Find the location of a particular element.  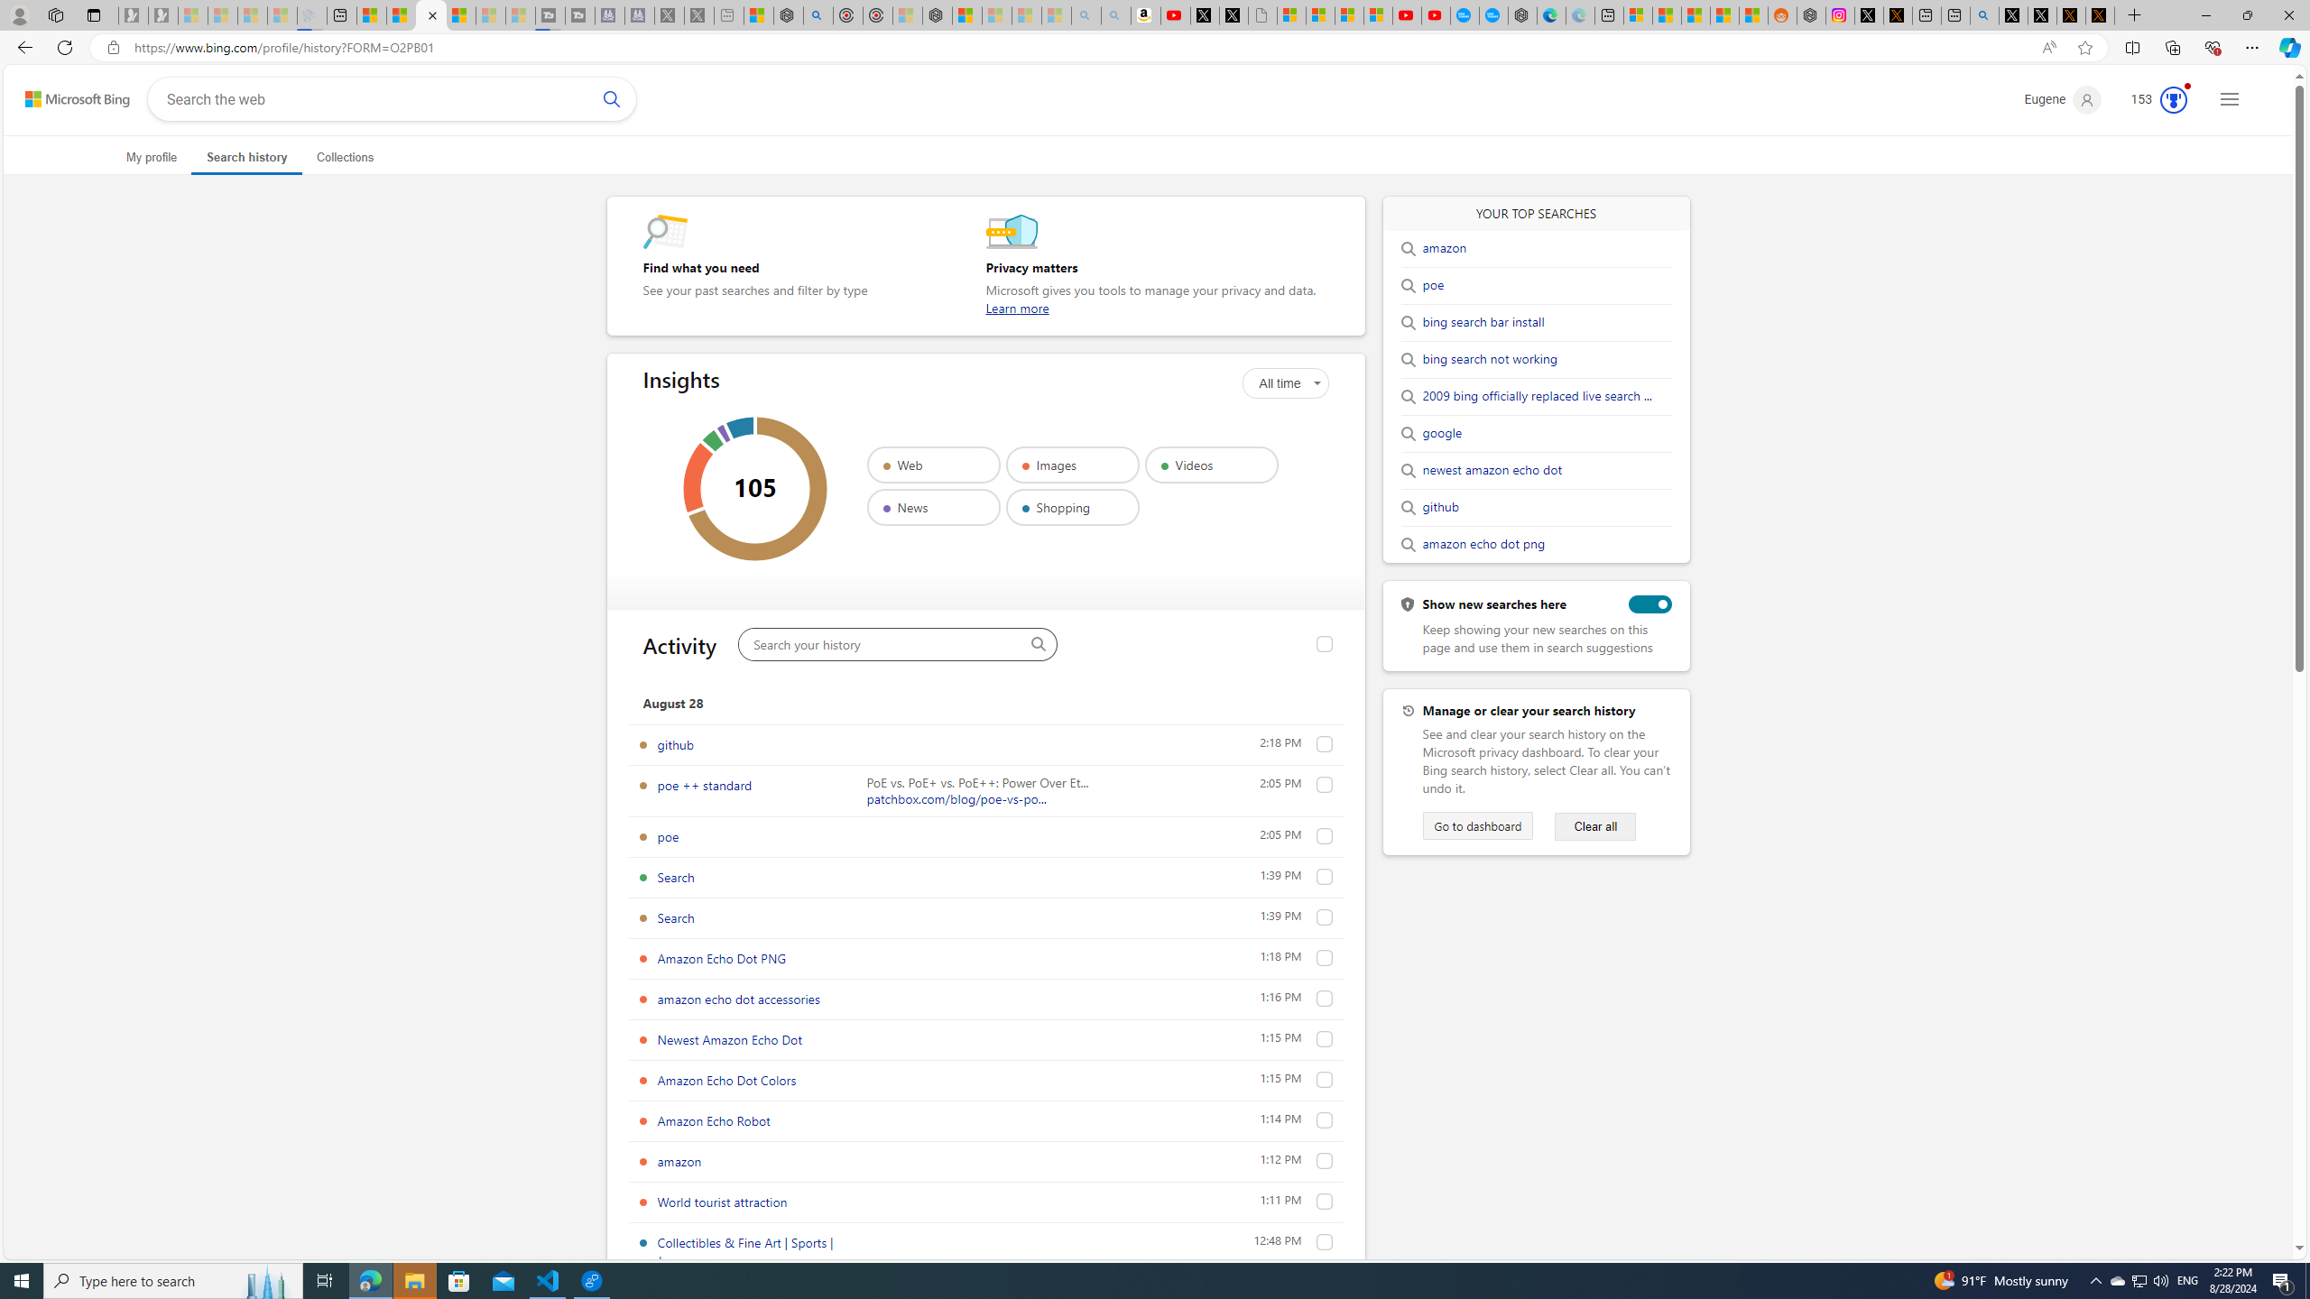

'poe ++ standard' is located at coordinates (703, 784).